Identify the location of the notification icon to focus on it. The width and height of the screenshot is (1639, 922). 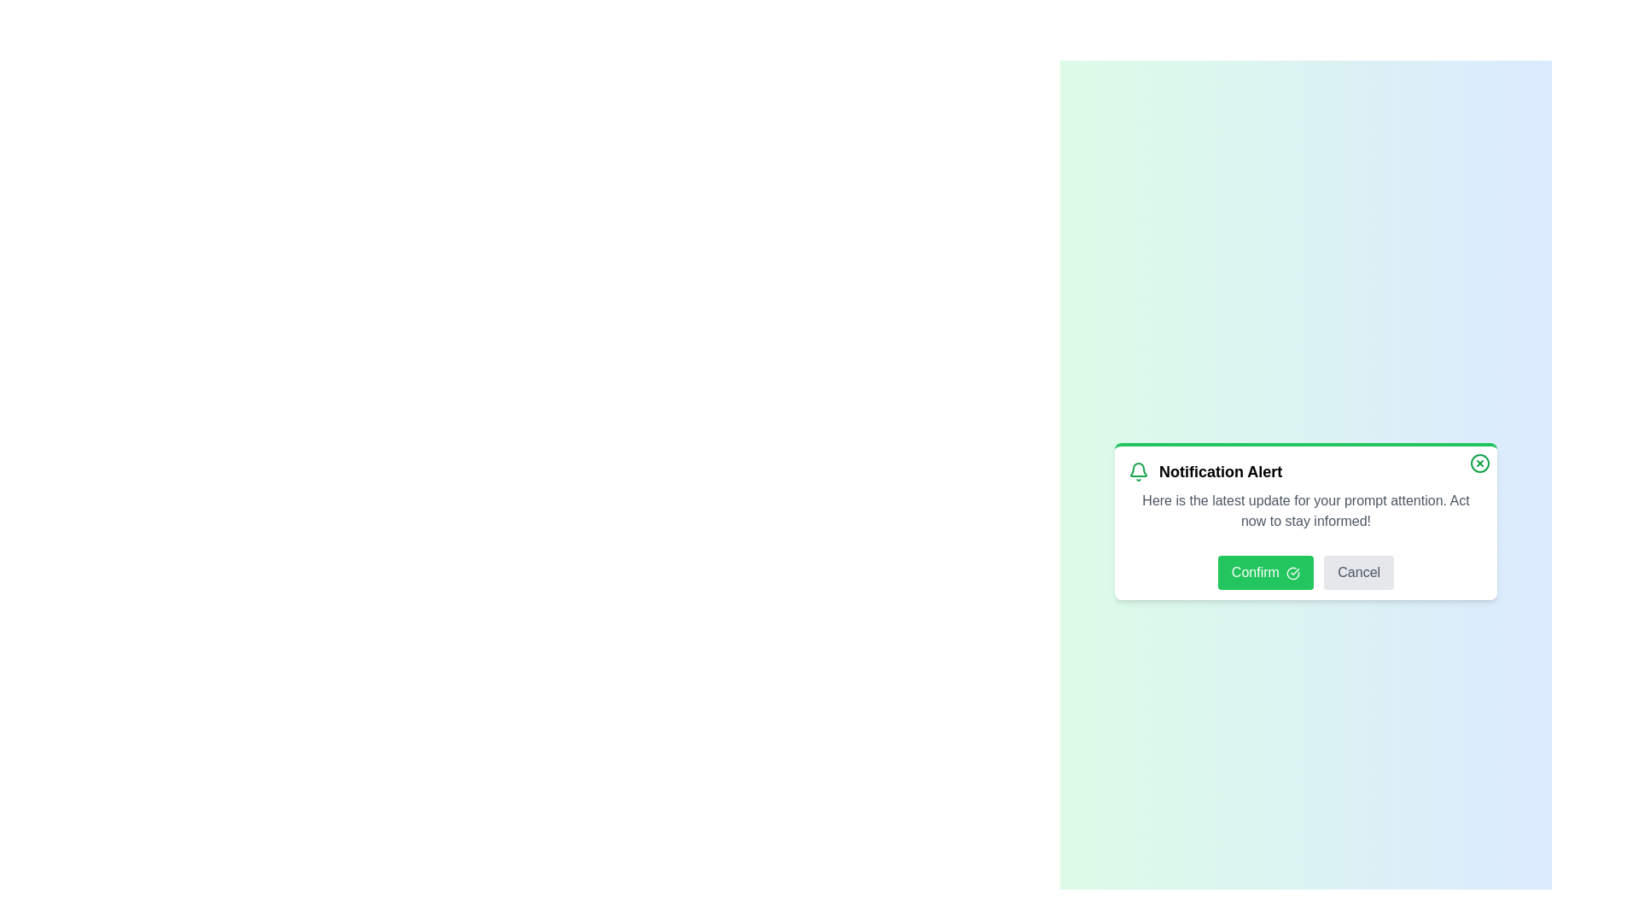
(1139, 471).